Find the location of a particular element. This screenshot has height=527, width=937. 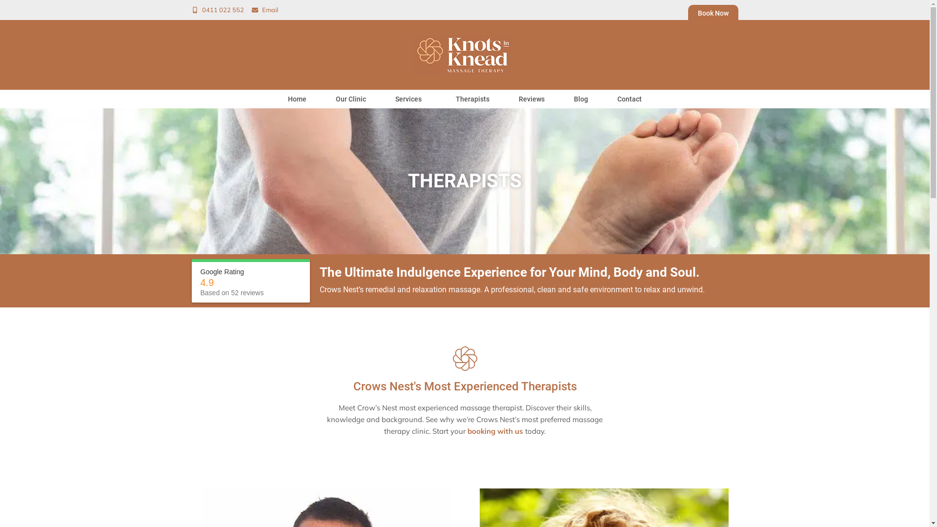

'0411 022 552' is located at coordinates (191, 10).